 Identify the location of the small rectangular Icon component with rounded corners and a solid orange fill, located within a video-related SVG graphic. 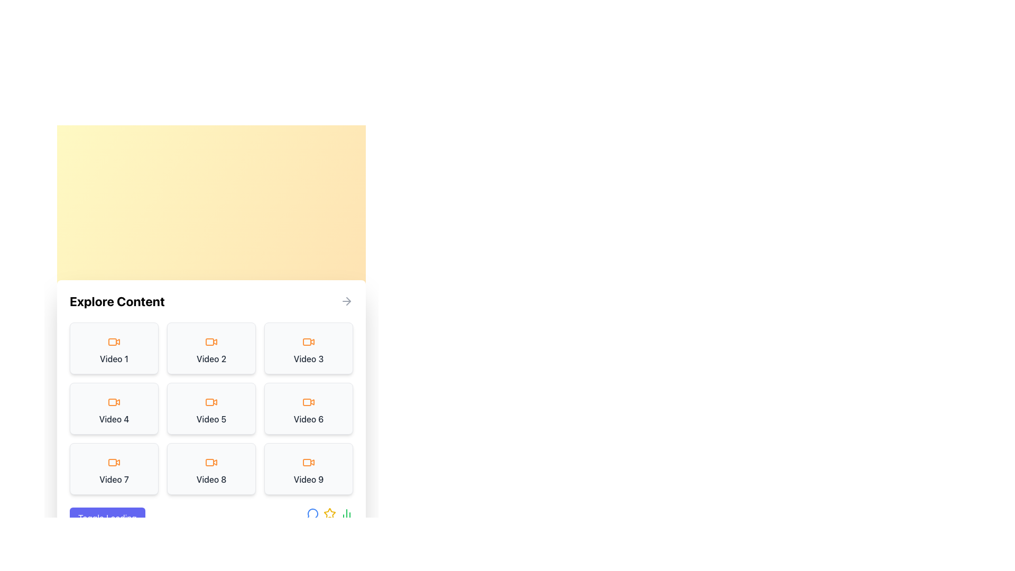
(112, 402).